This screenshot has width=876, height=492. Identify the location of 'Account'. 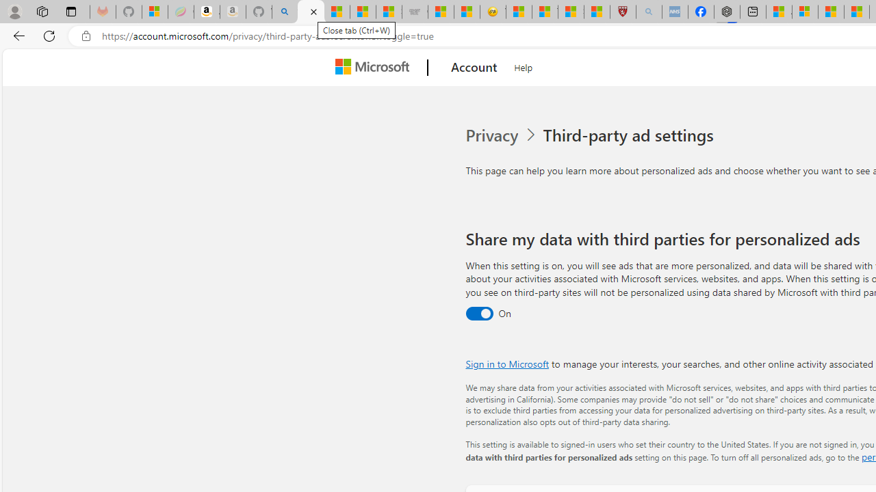
(474, 68).